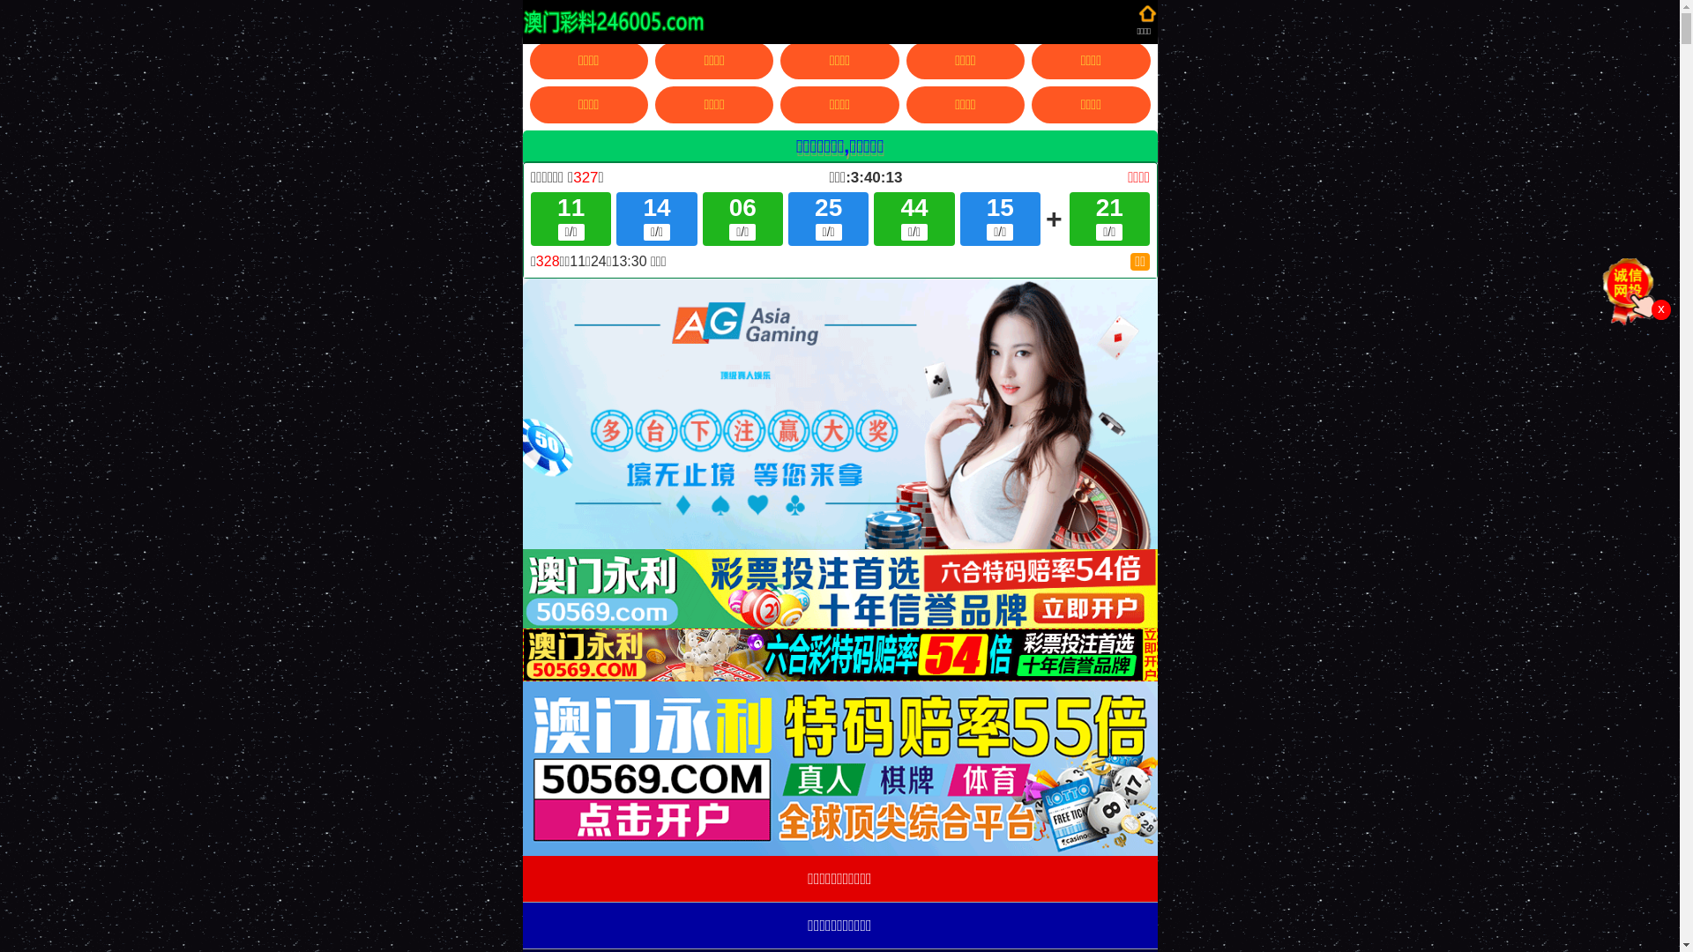 The image size is (1693, 952). Describe the element at coordinates (1659, 309) in the screenshot. I see `'x'` at that location.